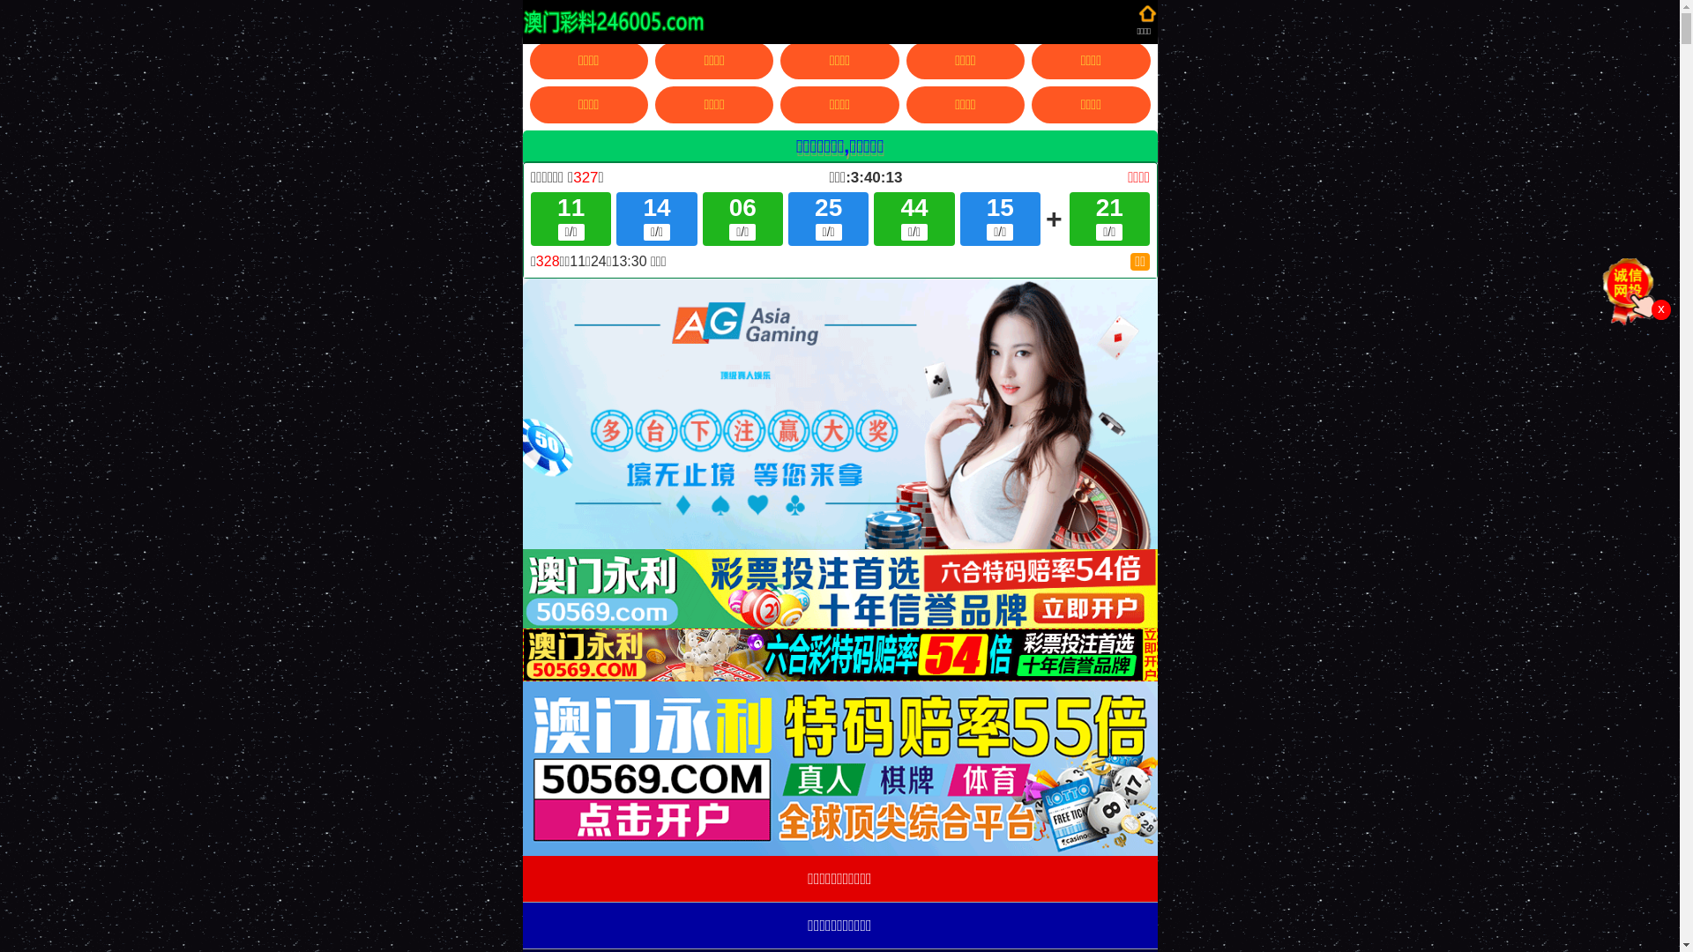 The image size is (1693, 952). Describe the element at coordinates (1659, 309) in the screenshot. I see `'x'` at that location.